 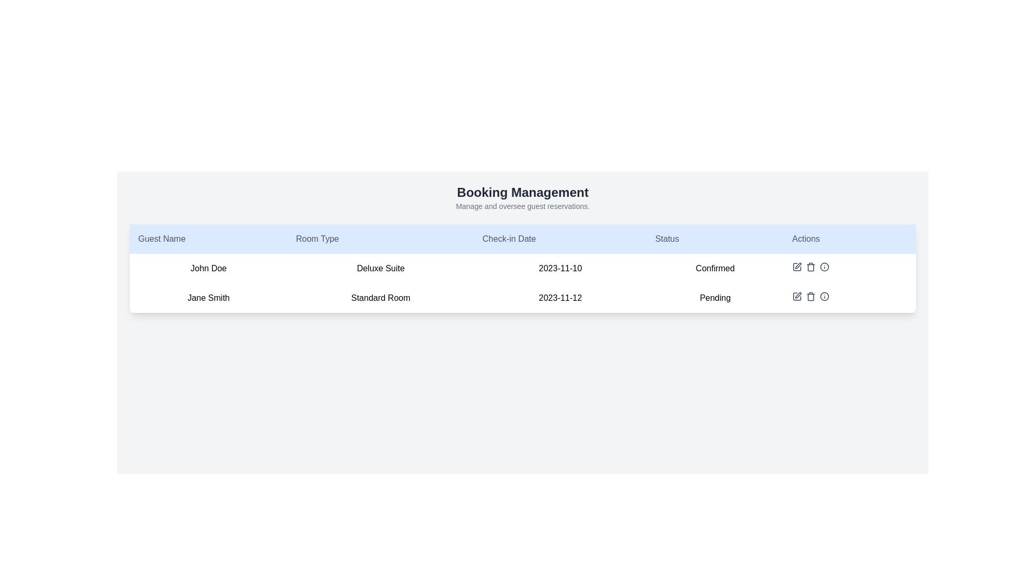 What do you see at coordinates (715, 268) in the screenshot?
I see `text label indicating the booking status of the guest named 'John Doe', which confirms that the booking is confirmed` at bounding box center [715, 268].